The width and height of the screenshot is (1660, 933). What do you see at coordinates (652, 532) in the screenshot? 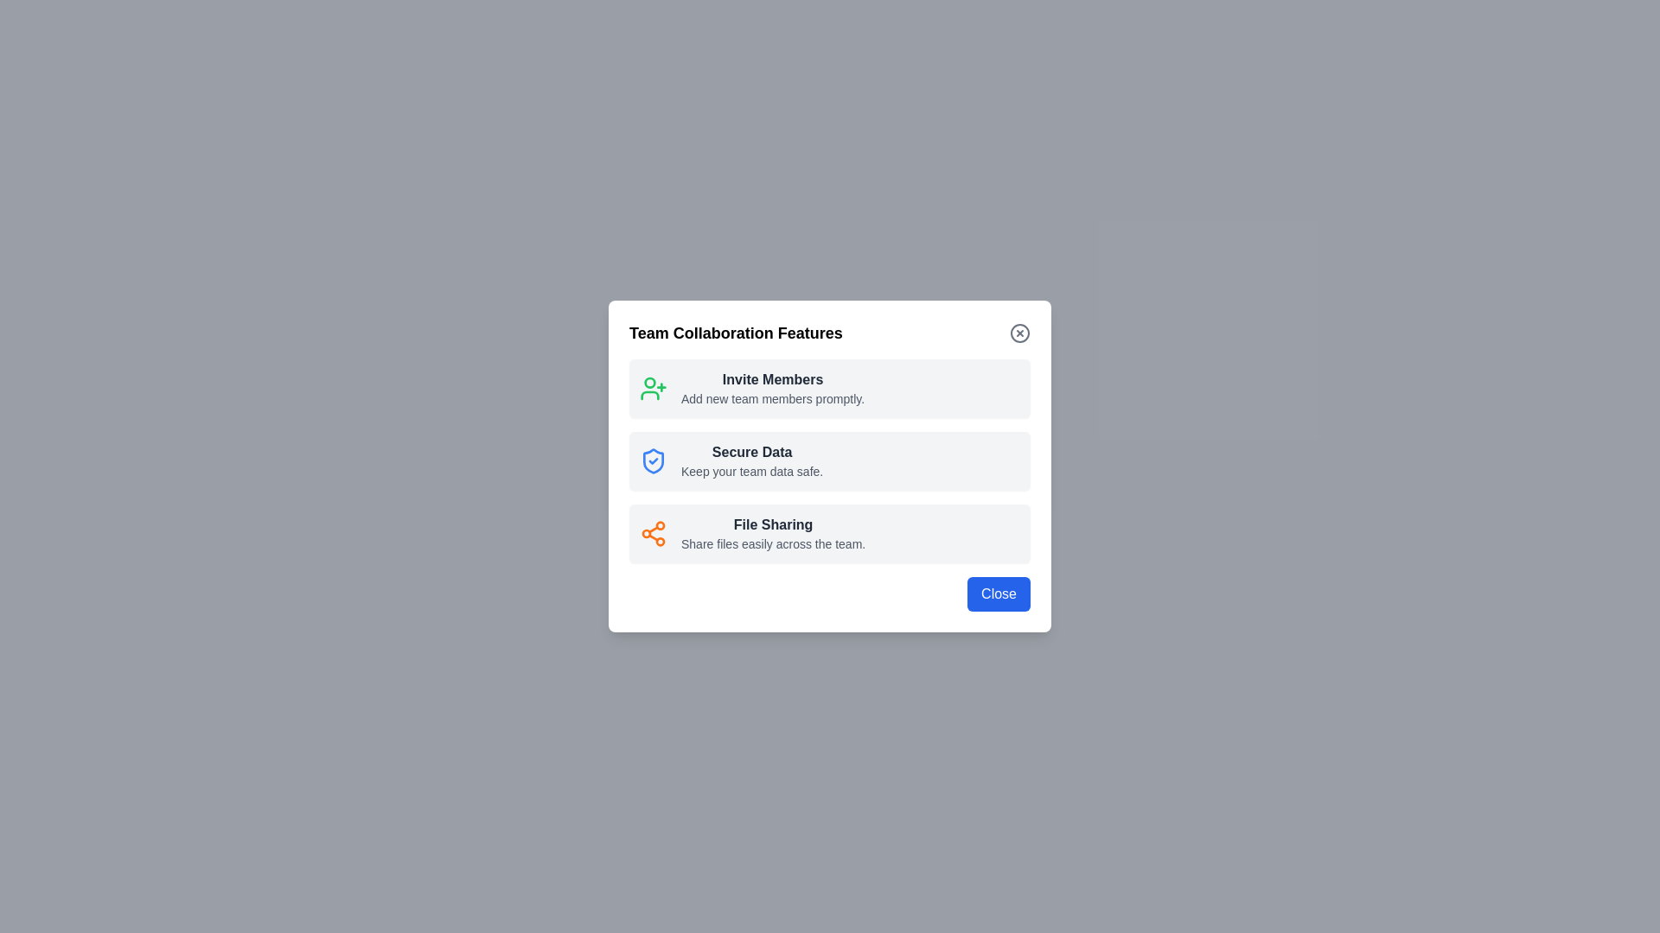
I see `the feature icon corresponding to File Sharing` at bounding box center [652, 532].